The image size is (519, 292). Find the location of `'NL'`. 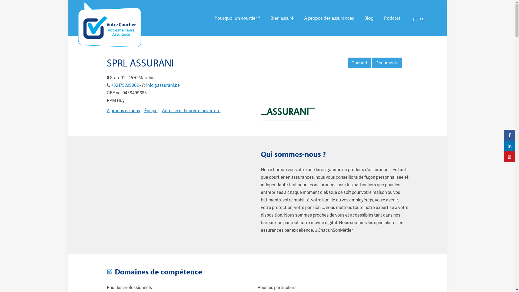

'NL' is located at coordinates (415, 19).